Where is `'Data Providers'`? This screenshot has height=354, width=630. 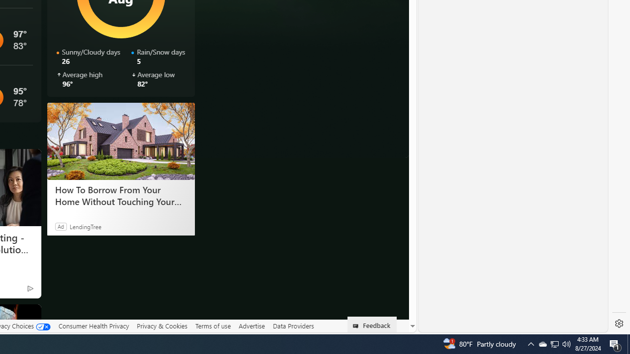 'Data Providers' is located at coordinates (292, 325).